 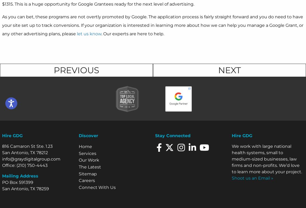 What do you see at coordinates (88, 136) in the screenshot?
I see `'Discover'` at bounding box center [88, 136].